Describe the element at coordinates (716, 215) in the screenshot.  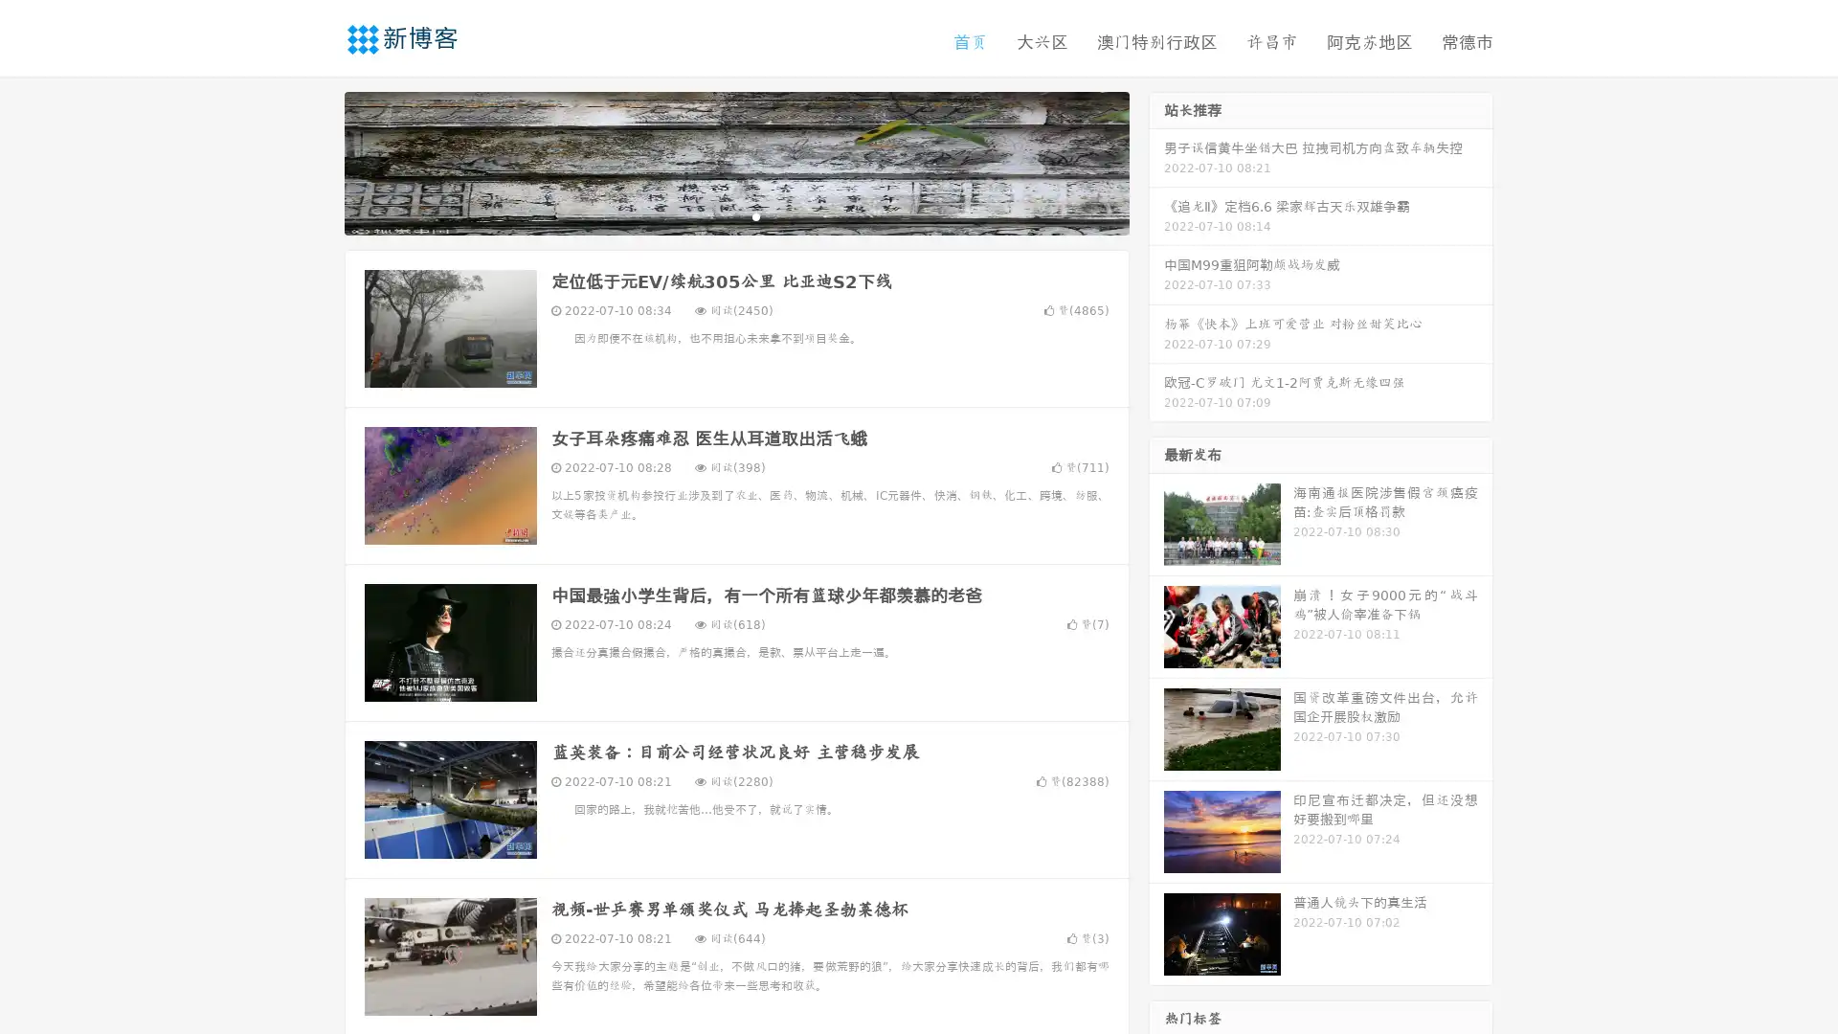
I see `Go to slide 1` at that location.